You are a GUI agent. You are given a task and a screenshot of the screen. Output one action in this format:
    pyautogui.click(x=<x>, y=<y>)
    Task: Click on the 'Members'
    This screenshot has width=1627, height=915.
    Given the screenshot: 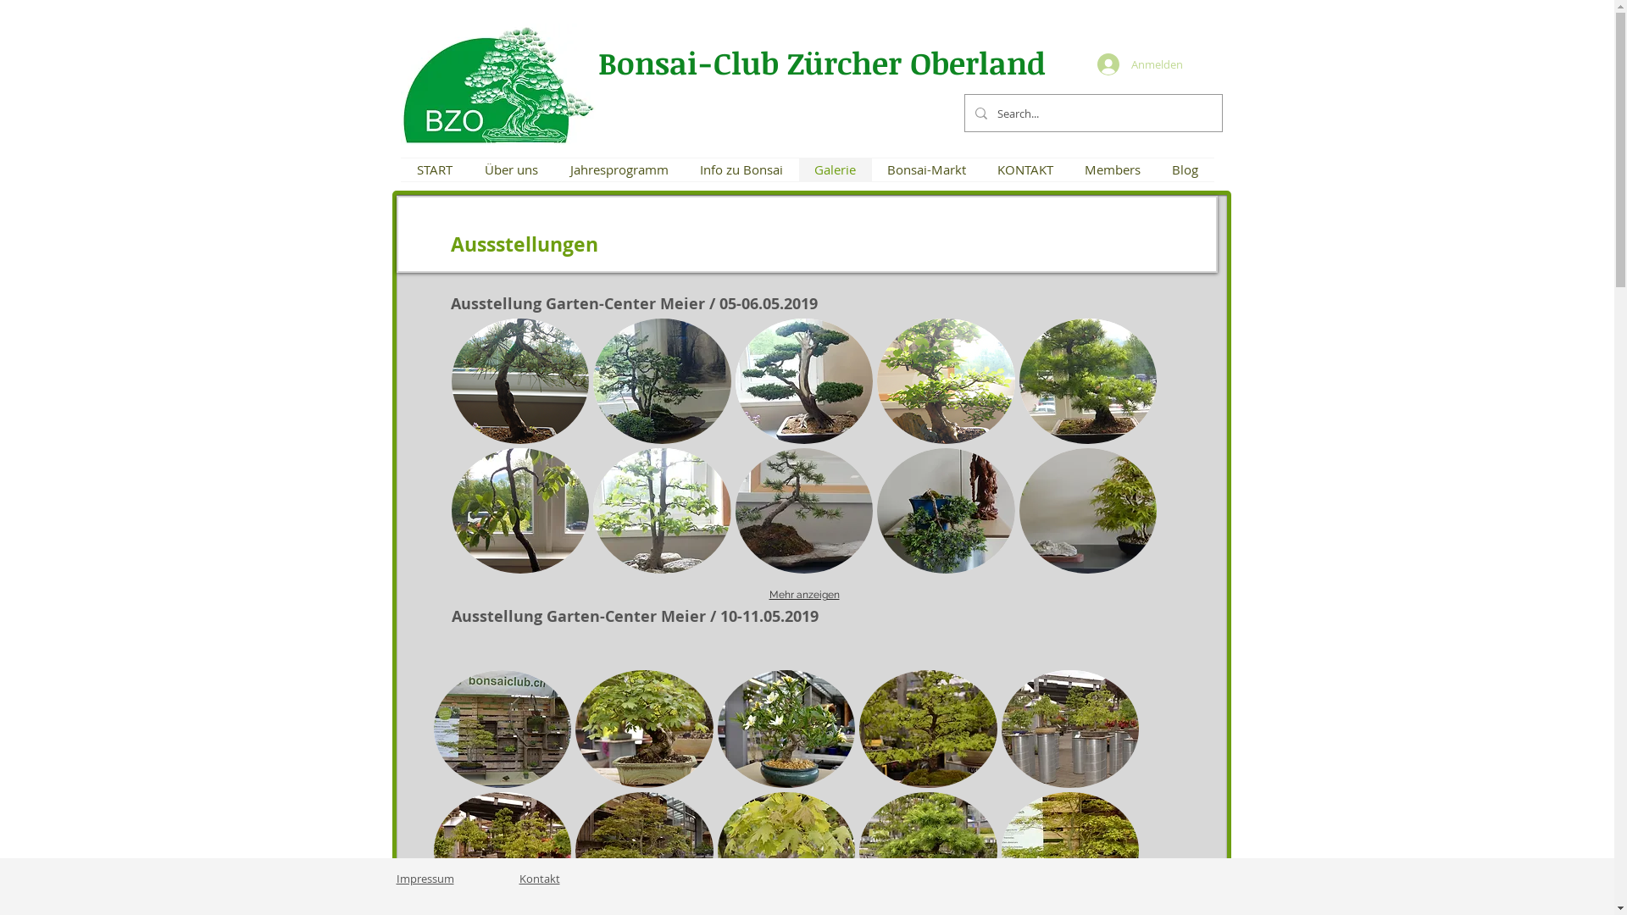 What is the action you would take?
    pyautogui.click(x=1113, y=169)
    